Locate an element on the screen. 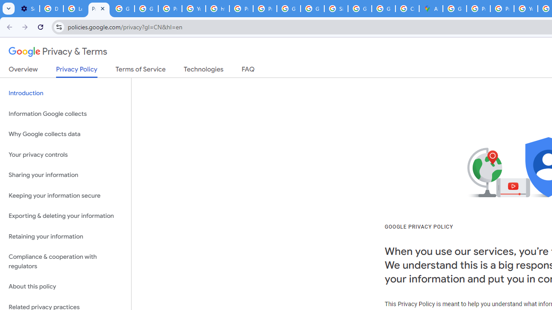 The width and height of the screenshot is (552, 310). 'Sign in - Google Accounts' is located at coordinates (336, 9).